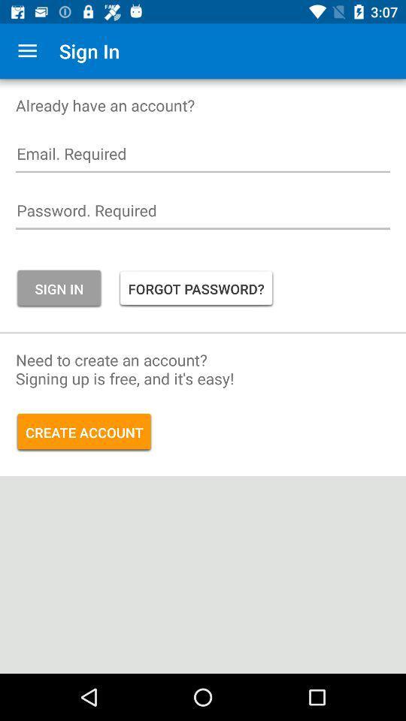 The width and height of the screenshot is (406, 721). Describe the element at coordinates (196, 288) in the screenshot. I see `the item next to sign in item` at that location.